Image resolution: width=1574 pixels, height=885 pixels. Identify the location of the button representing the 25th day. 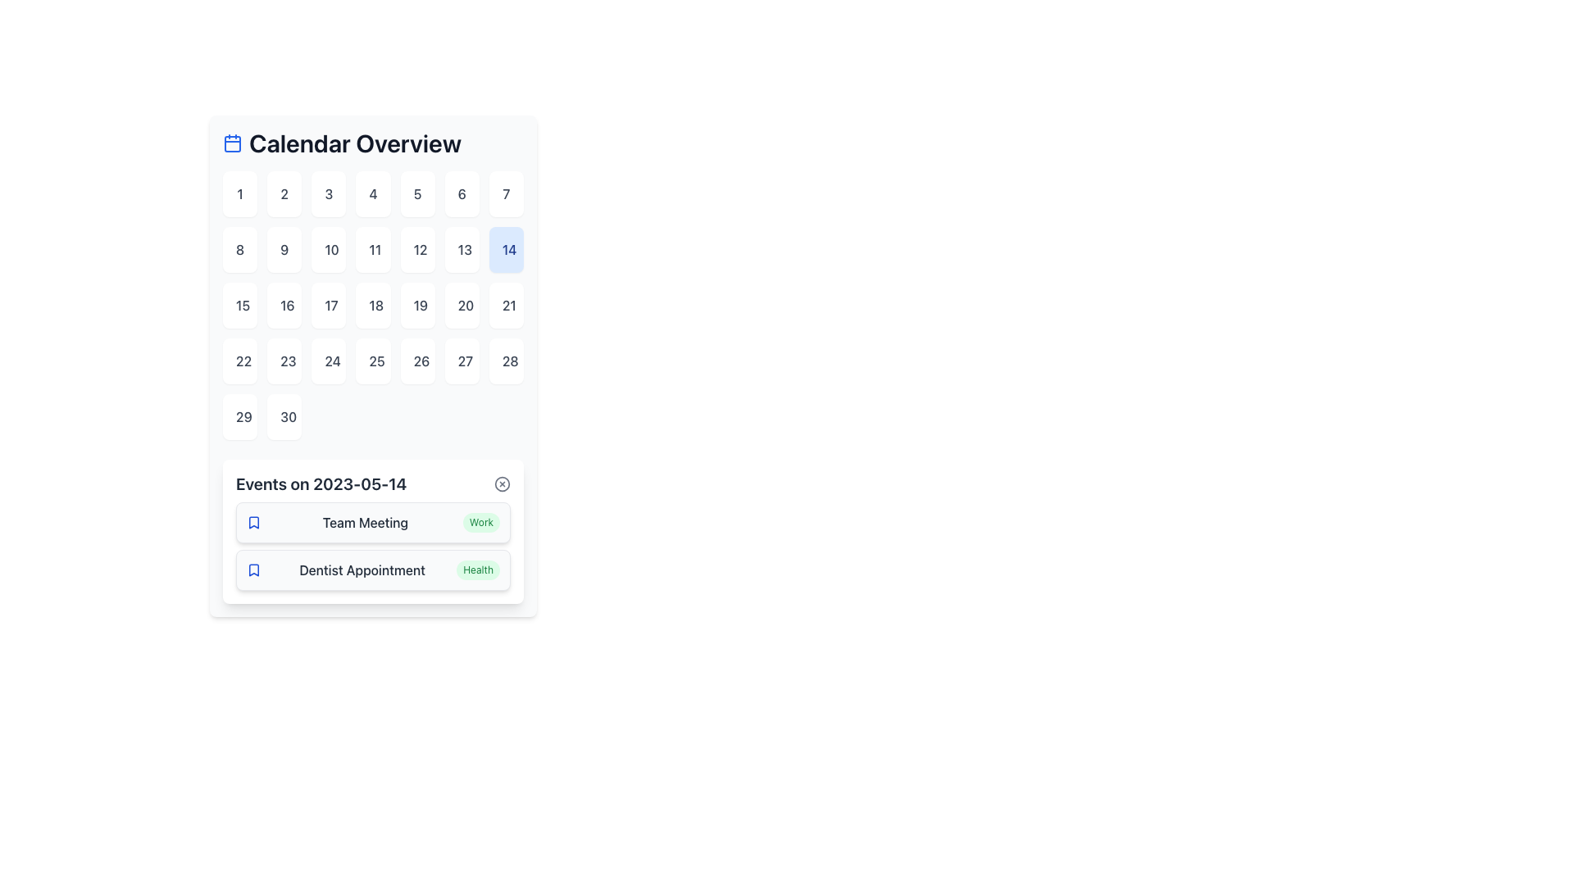
(372, 360).